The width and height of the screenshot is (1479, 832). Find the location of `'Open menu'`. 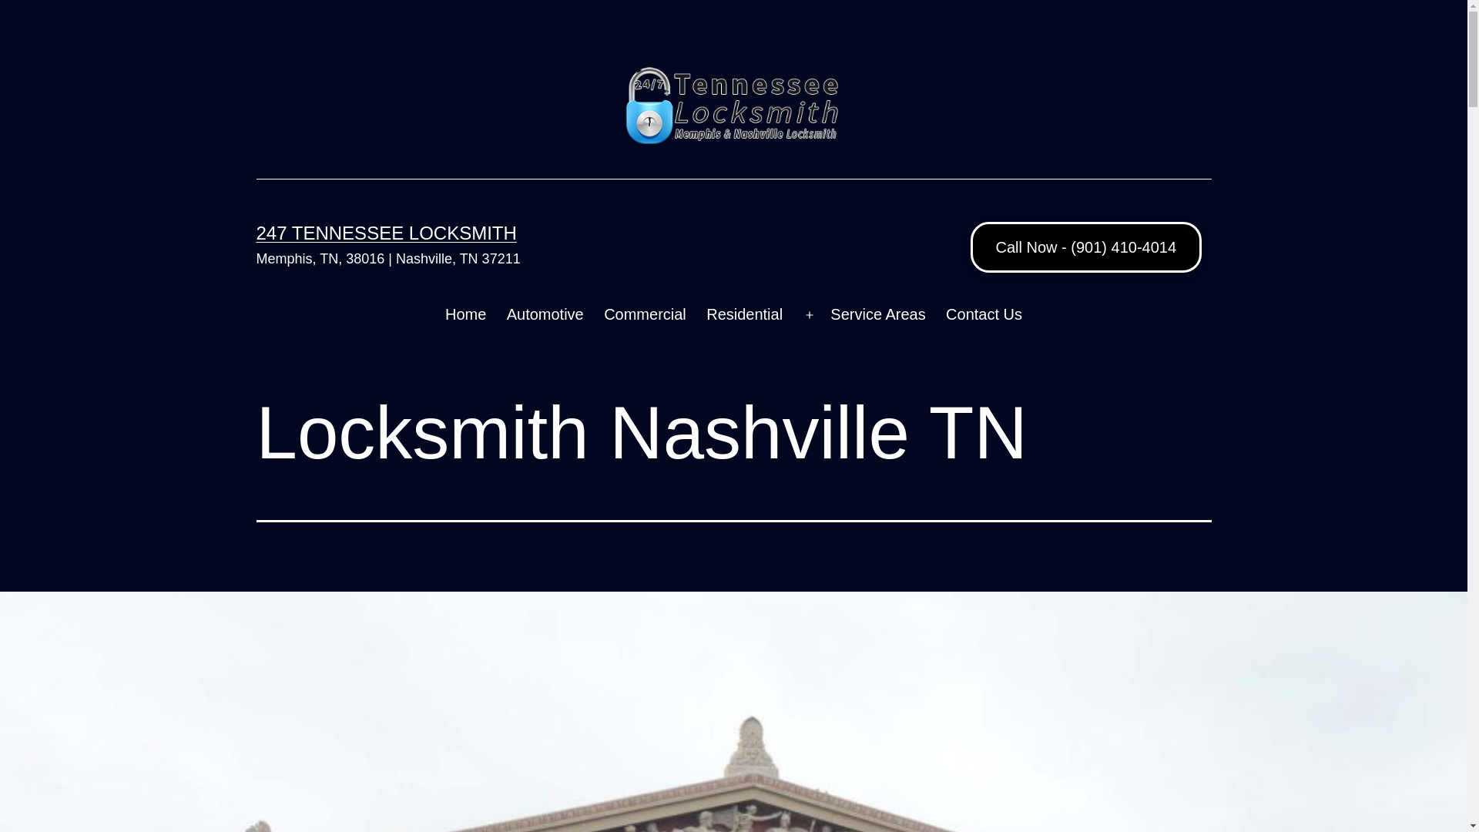

'Open menu' is located at coordinates (792, 314).